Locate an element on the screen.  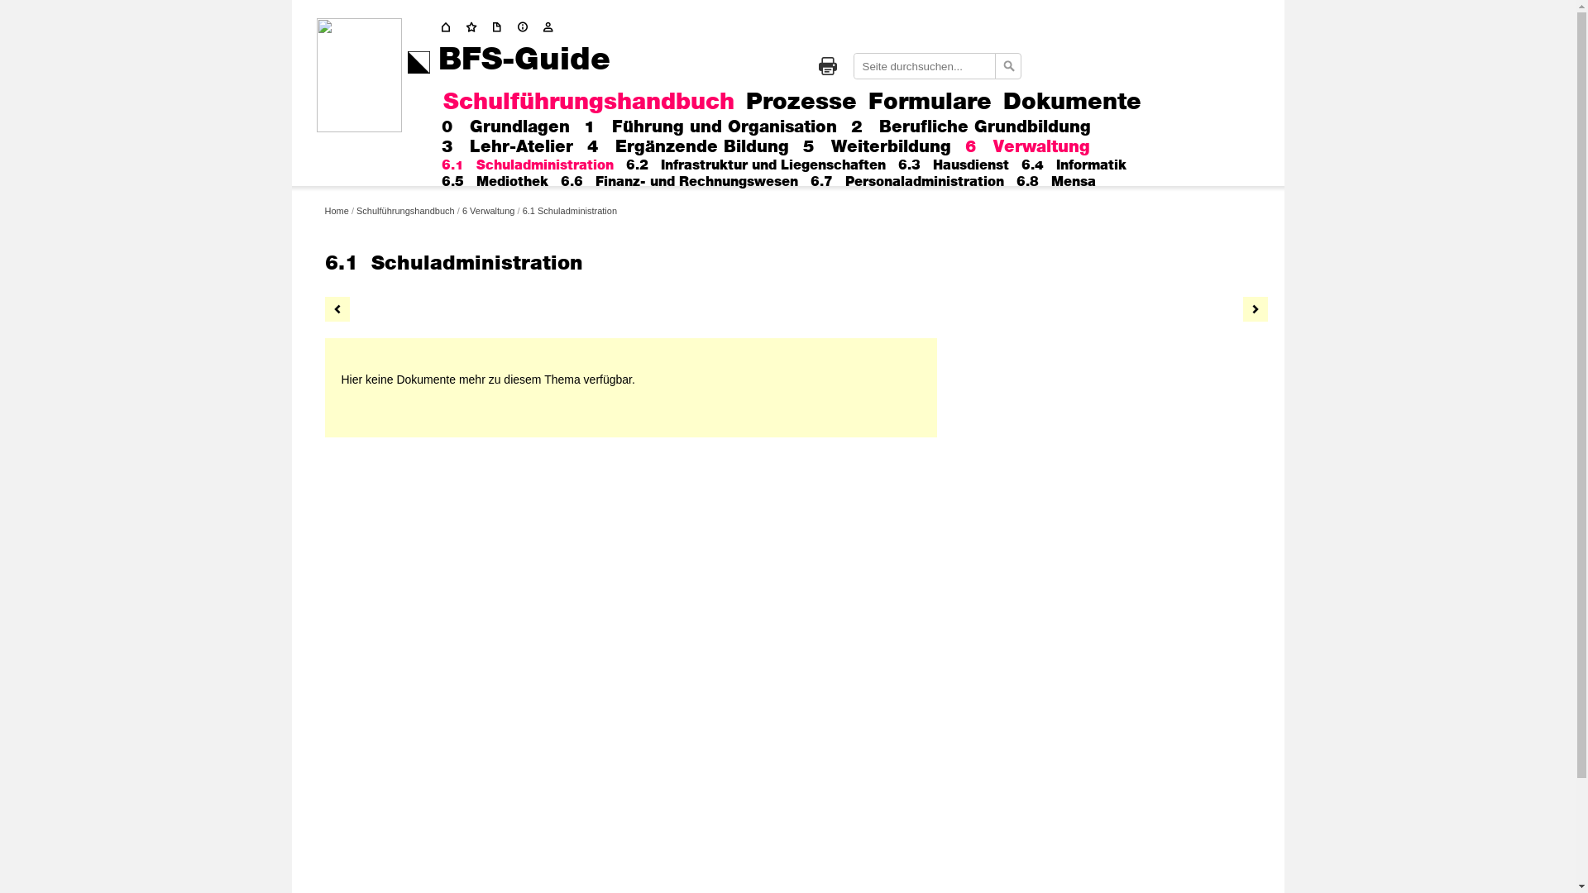
'6.4   Informatik' is located at coordinates (1073, 165).